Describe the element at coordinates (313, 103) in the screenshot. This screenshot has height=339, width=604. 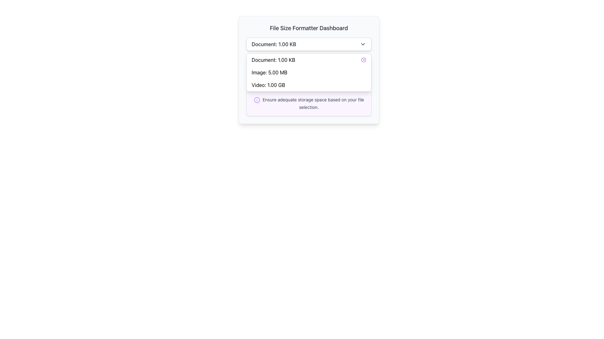
I see `the descriptive text that reads 'Ensure adequate storage space based on your file selection.' which is displayed in gray color below an icon within a bordered box` at that location.